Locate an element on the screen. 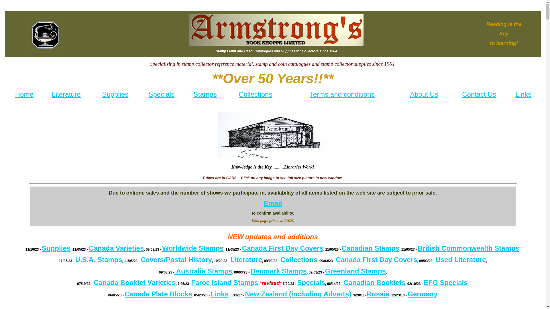 This screenshot has height=309, width=550. 'Covers/Postal History' is located at coordinates (176, 260).